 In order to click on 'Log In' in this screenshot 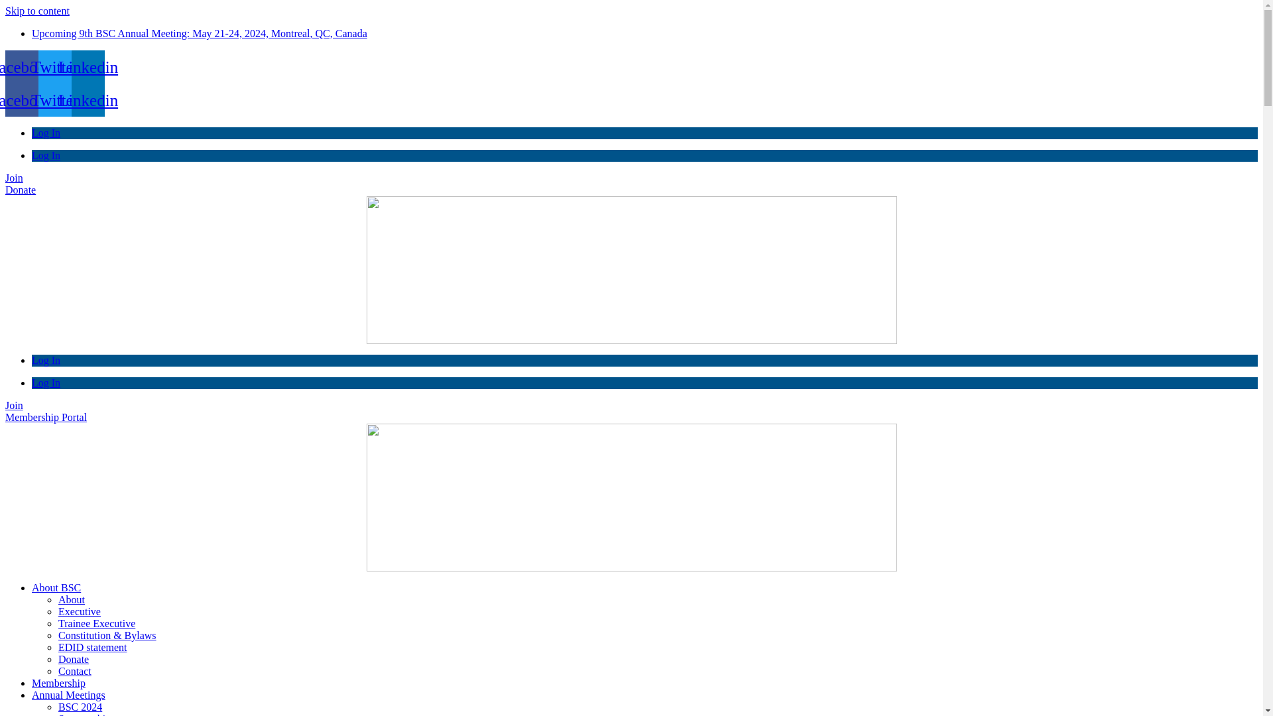, I will do `click(32, 133)`.